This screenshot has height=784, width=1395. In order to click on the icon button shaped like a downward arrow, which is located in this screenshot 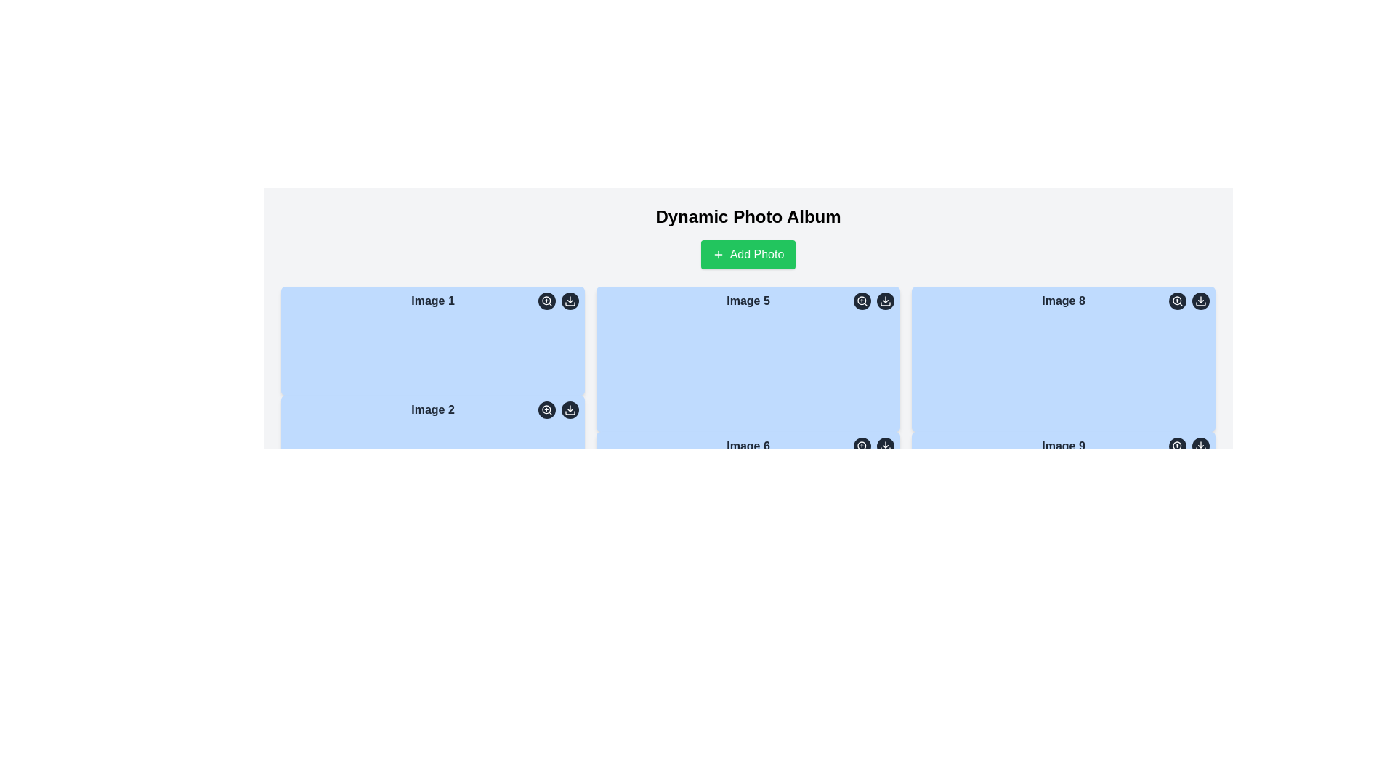, I will do `click(570, 301)`.